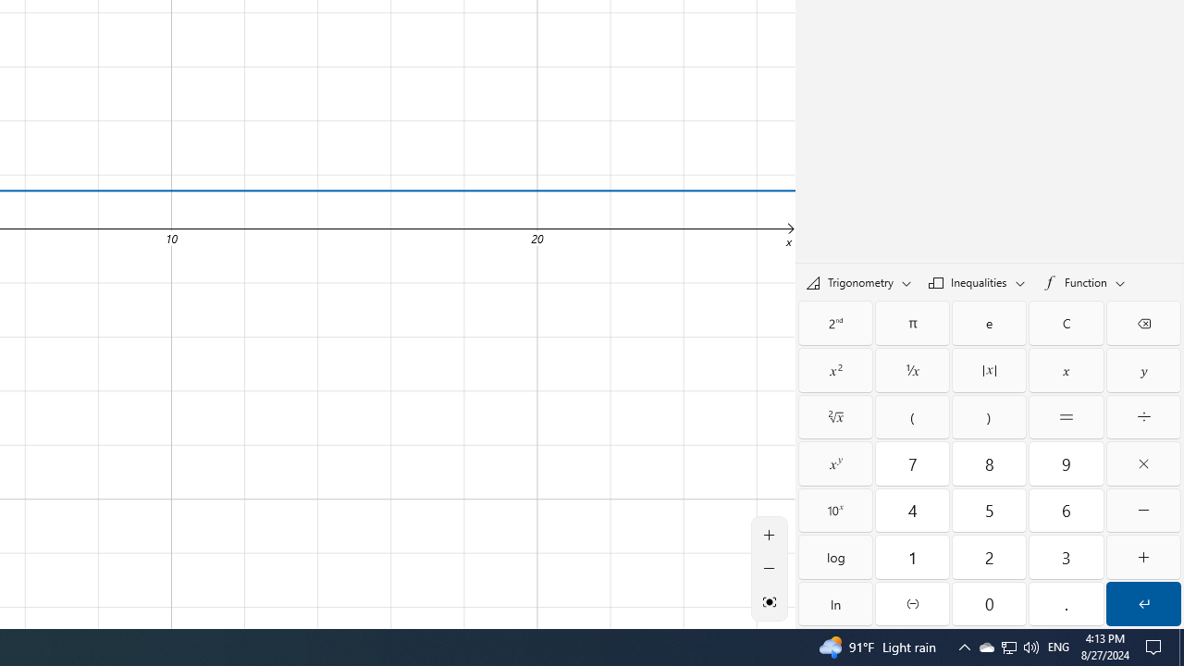 This screenshot has height=666, width=1184. I want to click on 'Decimal separator', so click(1067, 604).